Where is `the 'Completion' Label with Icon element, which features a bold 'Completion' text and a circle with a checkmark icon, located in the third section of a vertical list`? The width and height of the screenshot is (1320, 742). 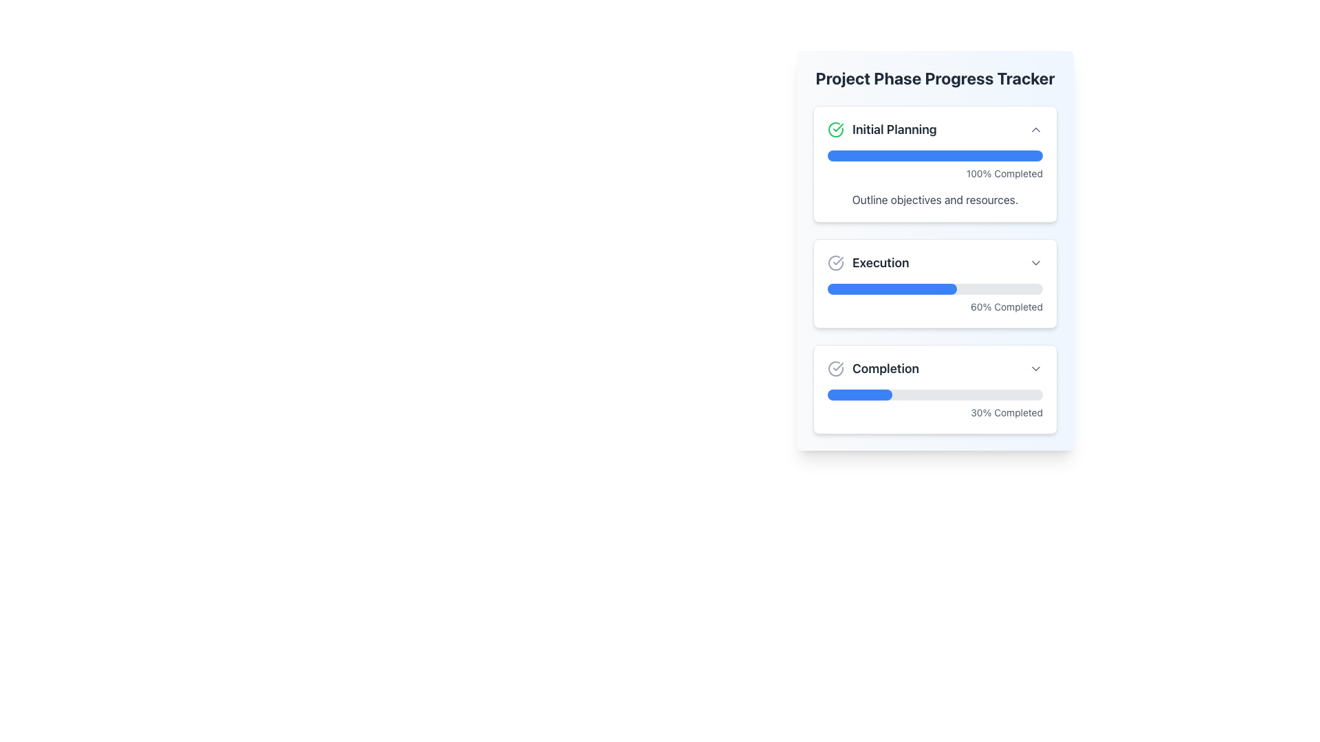 the 'Completion' Label with Icon element, which features a bold 'Completion' text and a circle with a checkmark icon, located in the third section of a vertical list is located at coordinates (872, 368).